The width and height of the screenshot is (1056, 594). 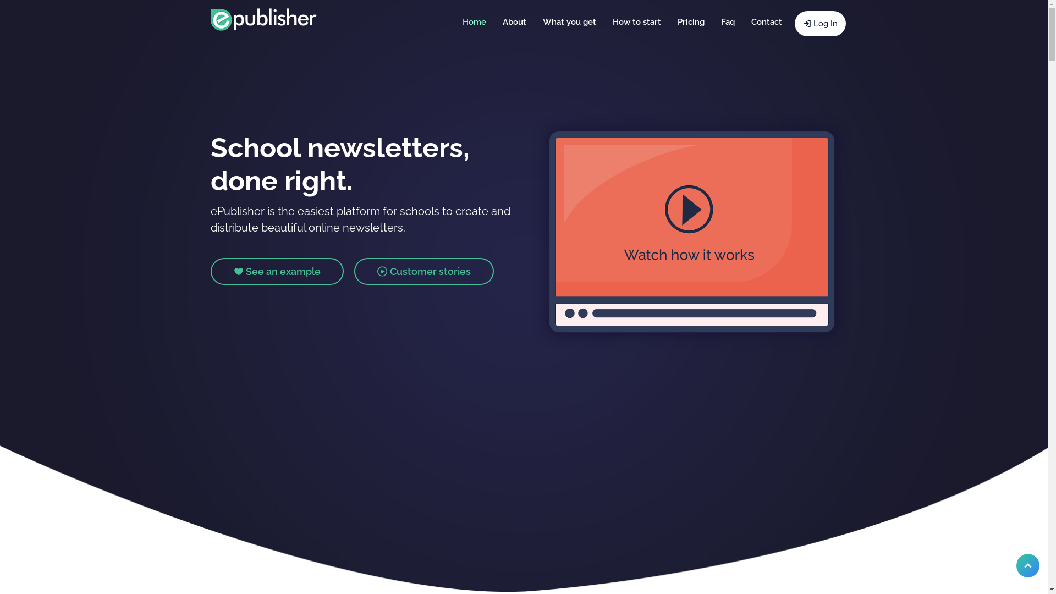 I want to click on 'See an example', so click(x=277, y=271).